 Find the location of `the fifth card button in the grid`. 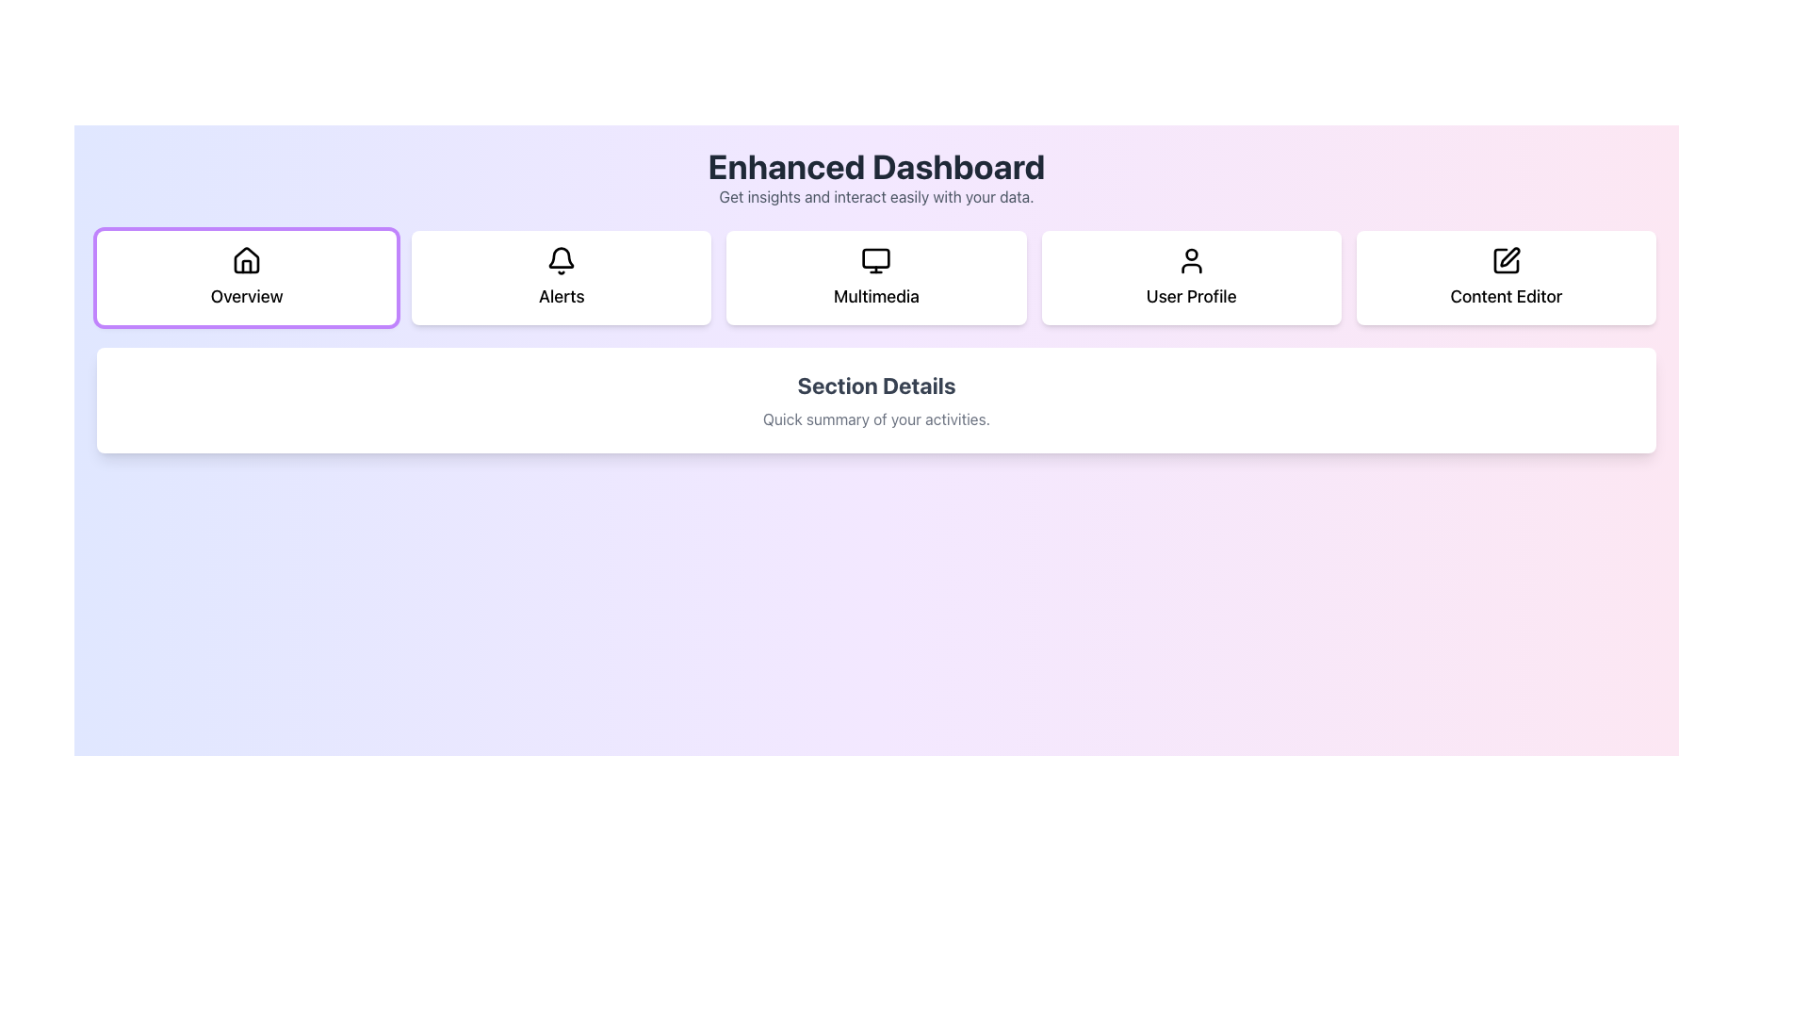

the fifth card button in the grid is located at coordinates (1505, 277).